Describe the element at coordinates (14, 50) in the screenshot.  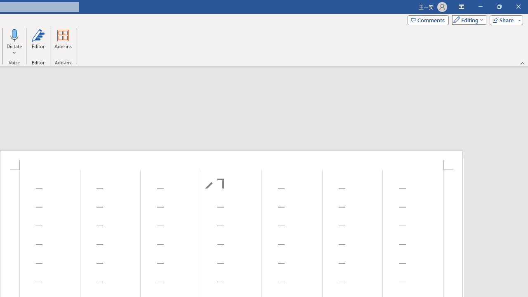
I see `'More Options'` at that location.